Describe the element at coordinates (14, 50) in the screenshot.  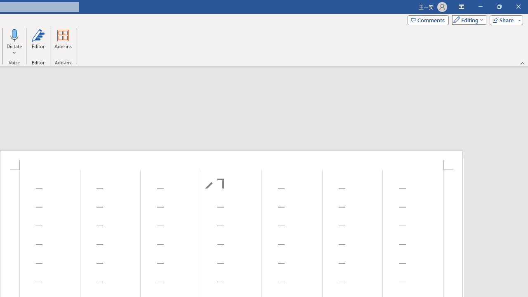
I see `'More Options'` at that location.